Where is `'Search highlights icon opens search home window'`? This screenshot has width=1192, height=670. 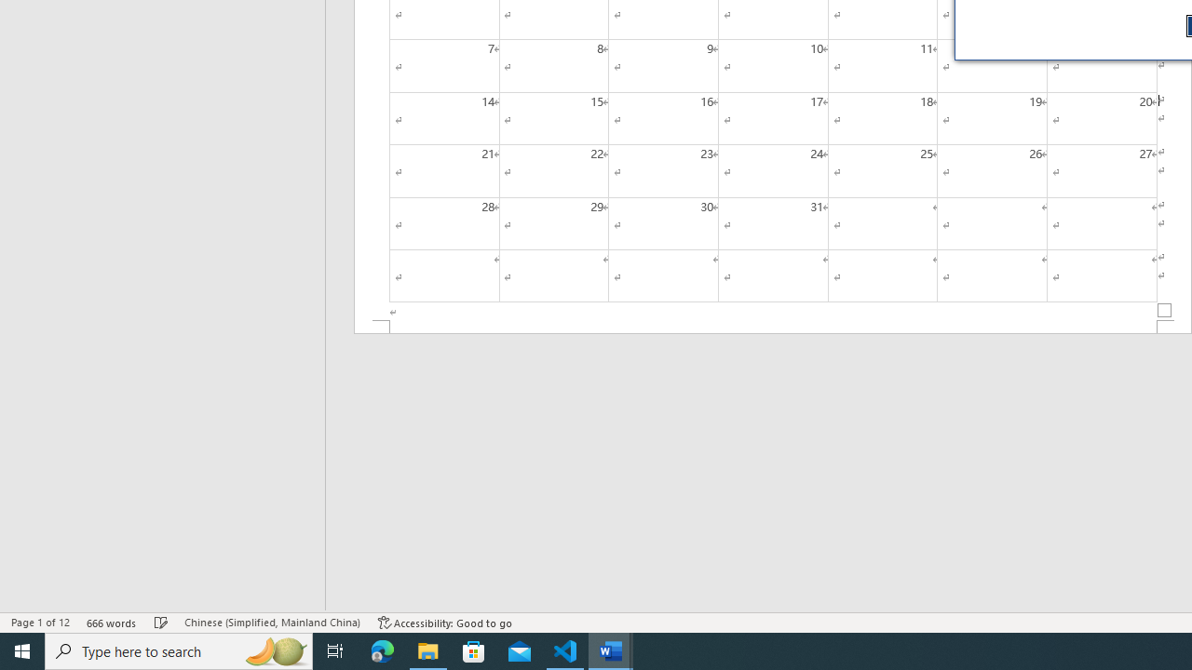
'Search highlights icon opens search home window' is located at coordinates (274, 650).